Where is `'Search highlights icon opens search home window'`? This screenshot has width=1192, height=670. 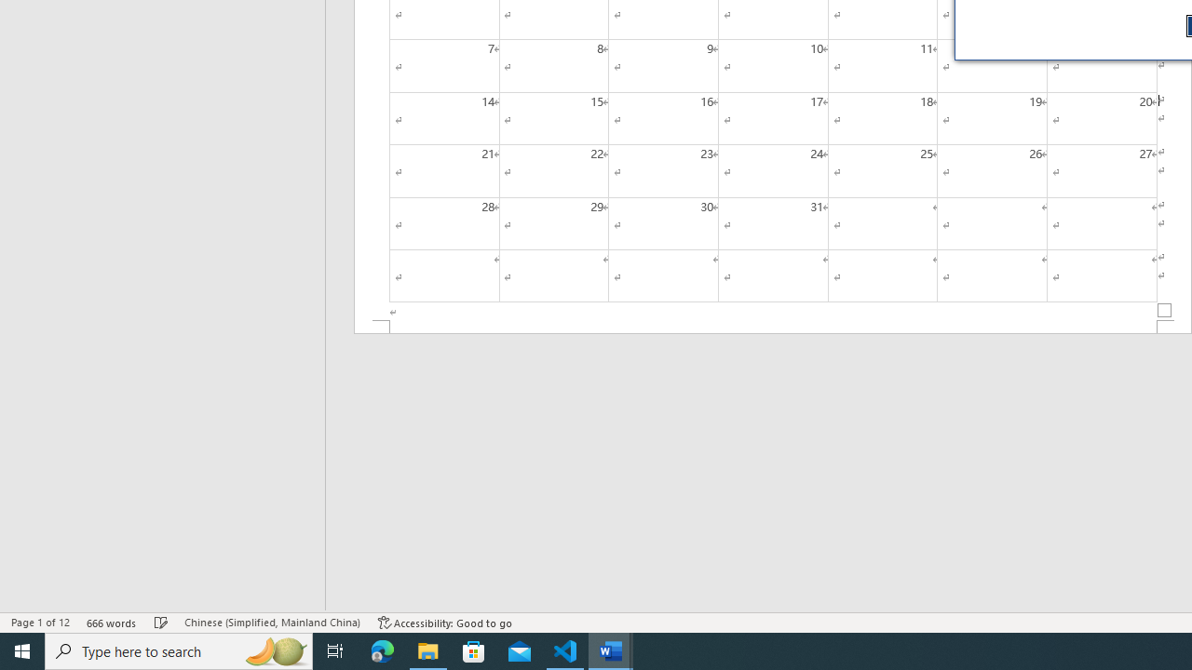
'Search highlights icon opens search home window' is located at coordinates (274, 650).